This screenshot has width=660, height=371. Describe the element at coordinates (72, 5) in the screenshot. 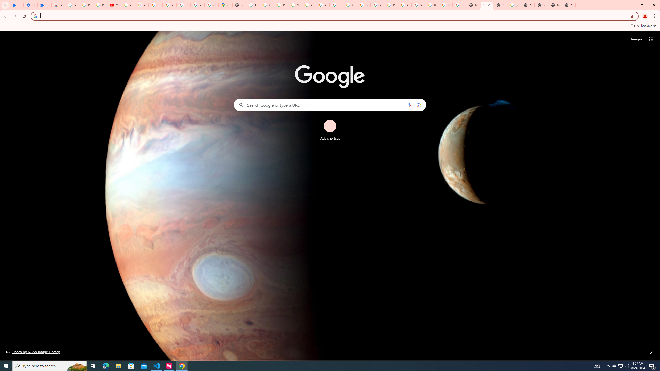

I see `'Sign in - Google Accounts'` at that location.